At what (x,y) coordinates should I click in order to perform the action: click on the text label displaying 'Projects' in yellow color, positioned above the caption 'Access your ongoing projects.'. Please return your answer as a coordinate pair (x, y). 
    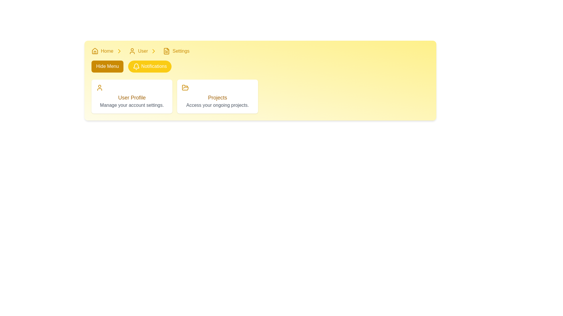
    Looking at the image, I should click on (217, 97).